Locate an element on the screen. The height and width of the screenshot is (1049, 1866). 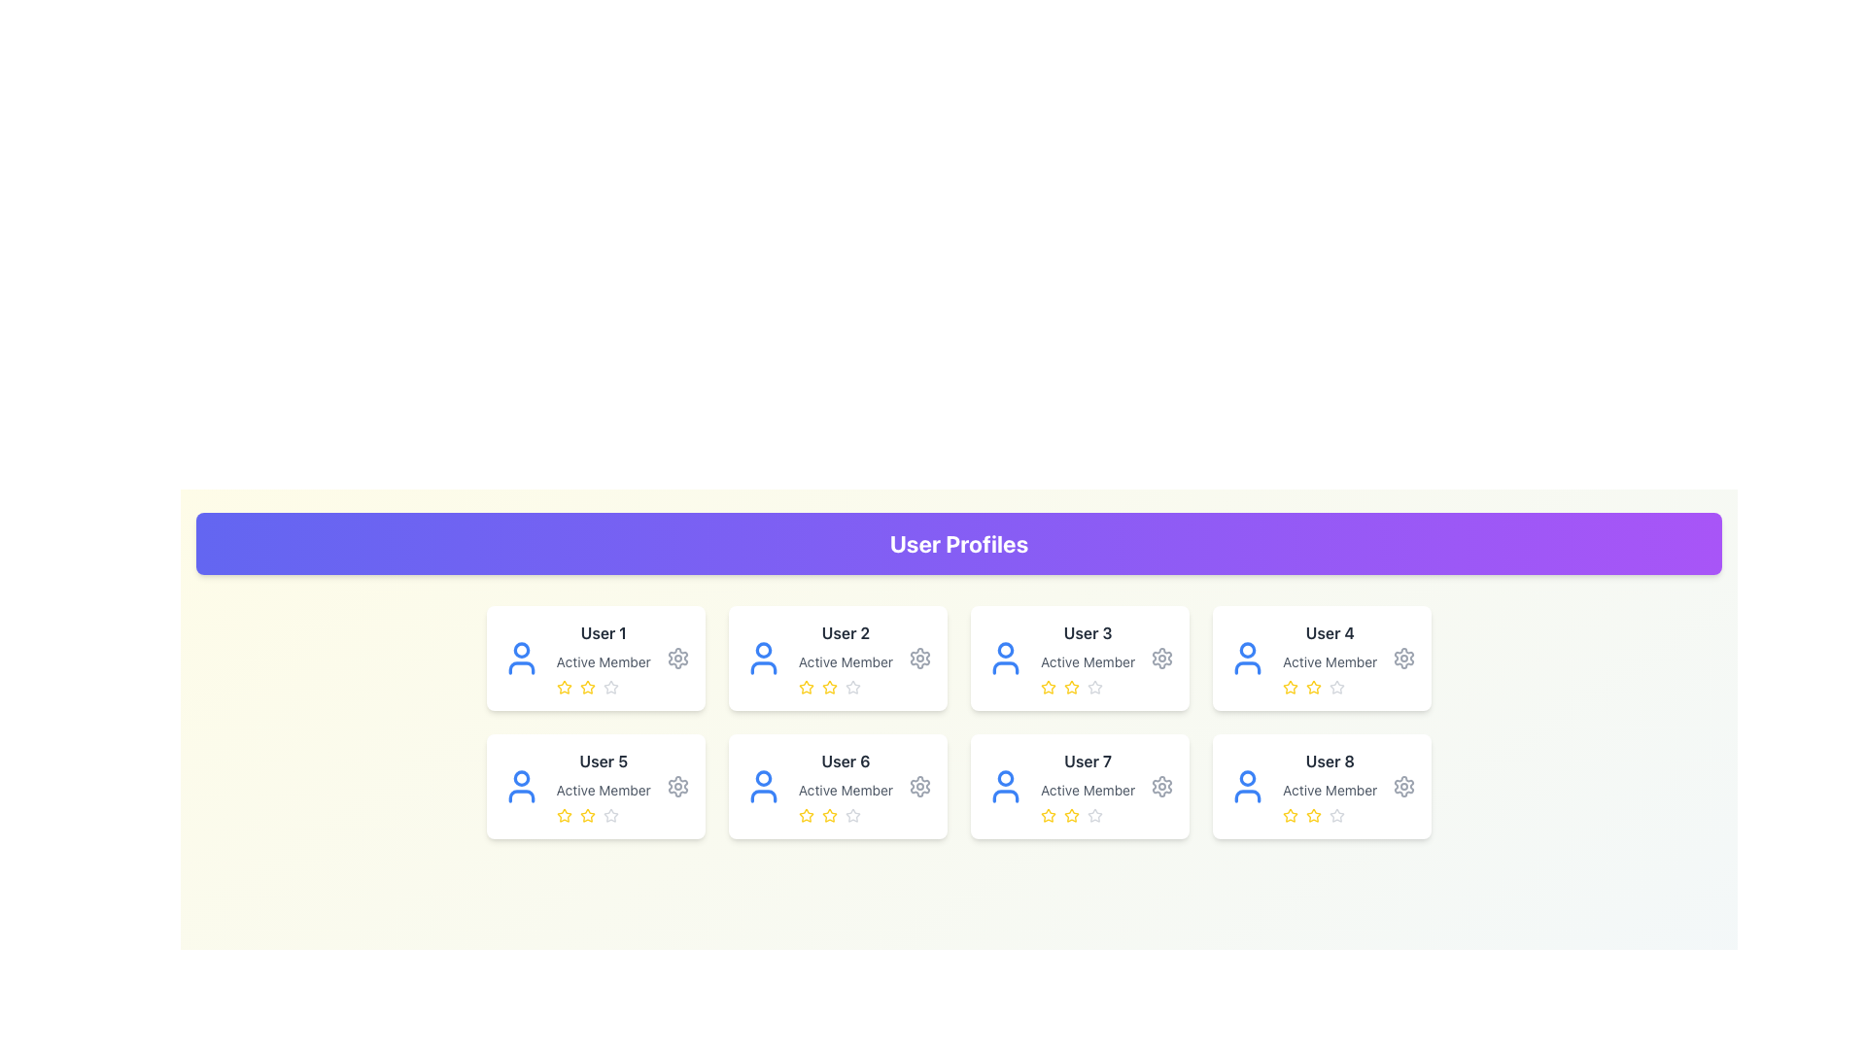
text on the Profile card representing a specific user located in the second column of the top row within the grid of user profiles, positioned immediately to the right of 'User 1' and above 'User 5' is located at coordinates (846, 658).